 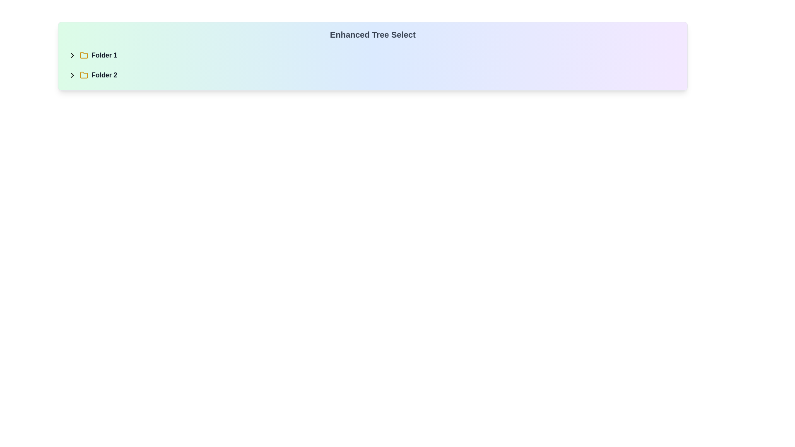 I want to click on the label representing the folder in the first list item of the sidebar menu, so click(x=104, y=55).